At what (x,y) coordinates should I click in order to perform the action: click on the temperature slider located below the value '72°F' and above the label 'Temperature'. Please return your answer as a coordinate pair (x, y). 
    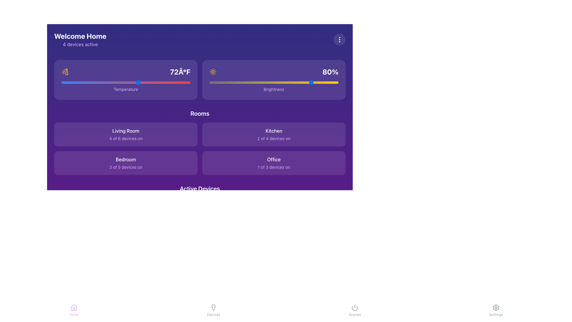
    Looking at the image, I should click on (125, 83).